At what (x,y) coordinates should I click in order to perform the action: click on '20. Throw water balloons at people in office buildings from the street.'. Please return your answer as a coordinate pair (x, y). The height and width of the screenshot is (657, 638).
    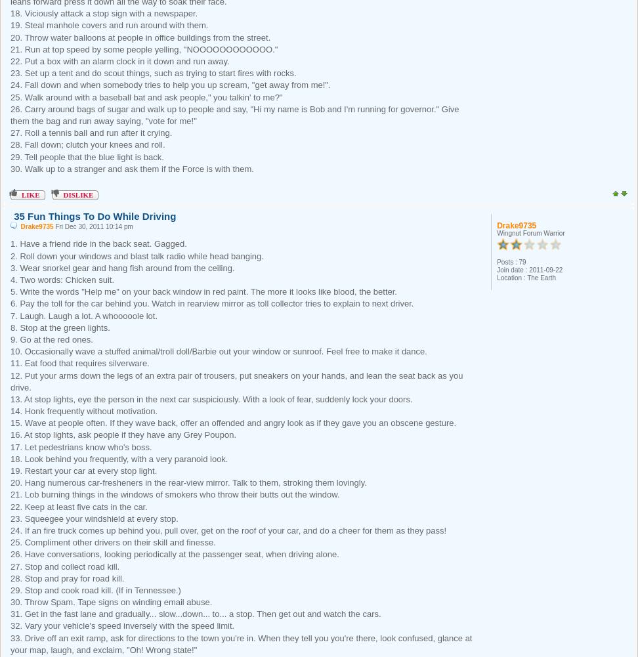
    Looking at the image, I should click on (11, 37).